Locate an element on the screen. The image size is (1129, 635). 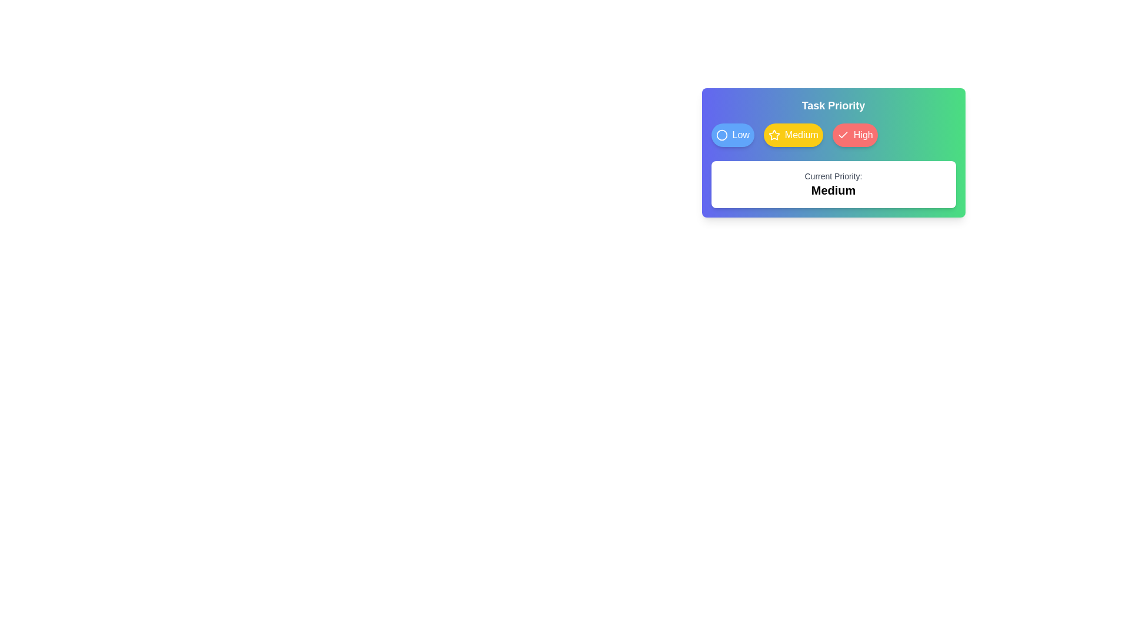
the text label element that displays 'Current Priority:' which is styled in gray and positioned above the priority value 'Medium' is located at coordinates (833, 176).